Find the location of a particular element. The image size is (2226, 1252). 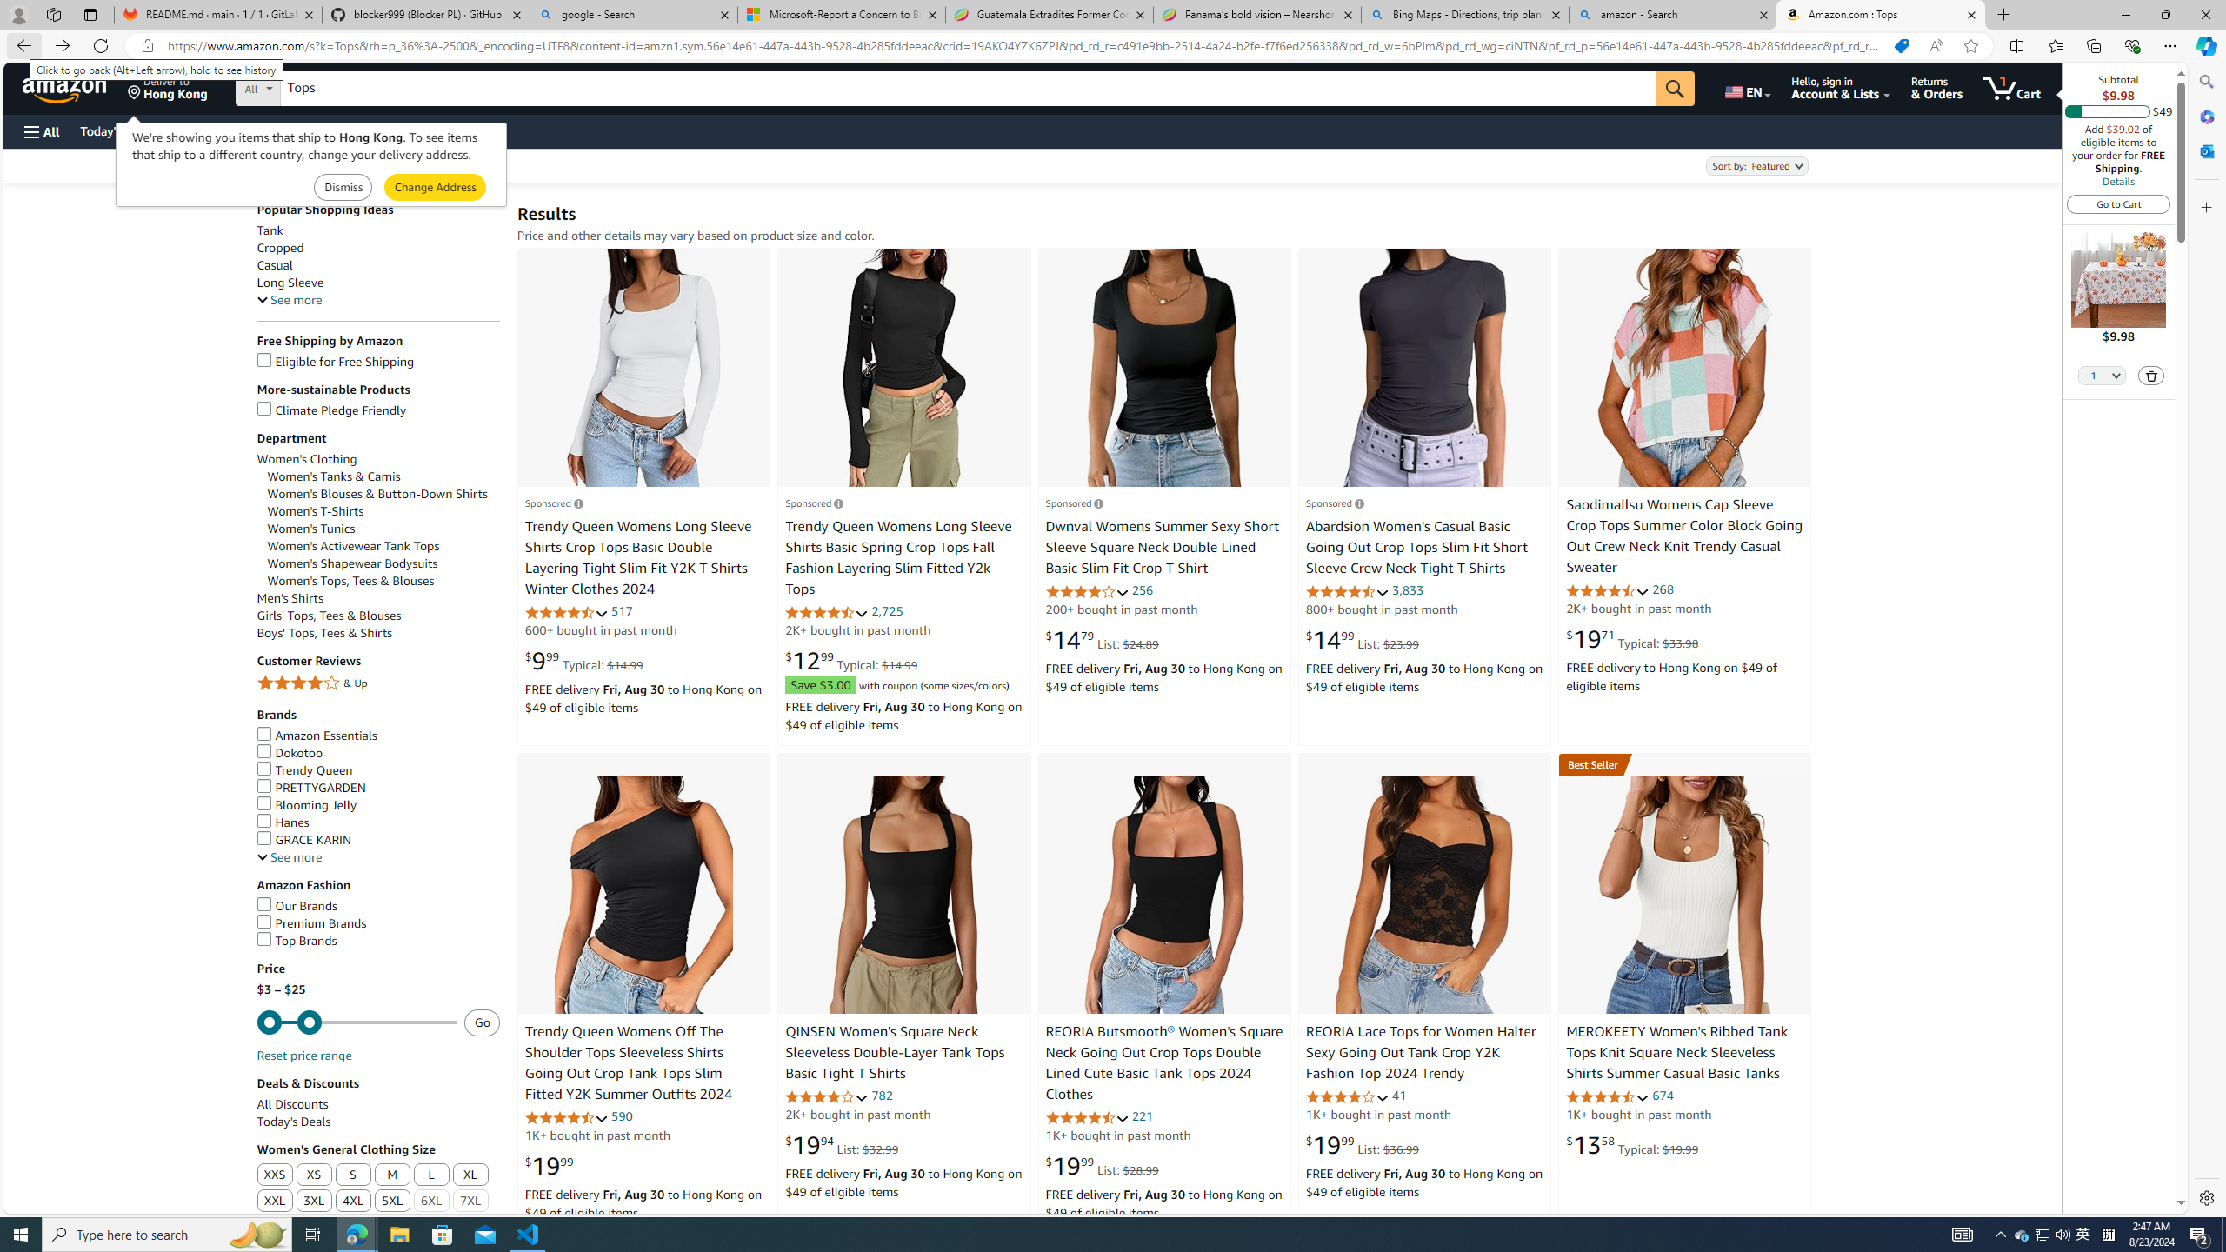

'XXS' is located at coordinates (274, 1175).